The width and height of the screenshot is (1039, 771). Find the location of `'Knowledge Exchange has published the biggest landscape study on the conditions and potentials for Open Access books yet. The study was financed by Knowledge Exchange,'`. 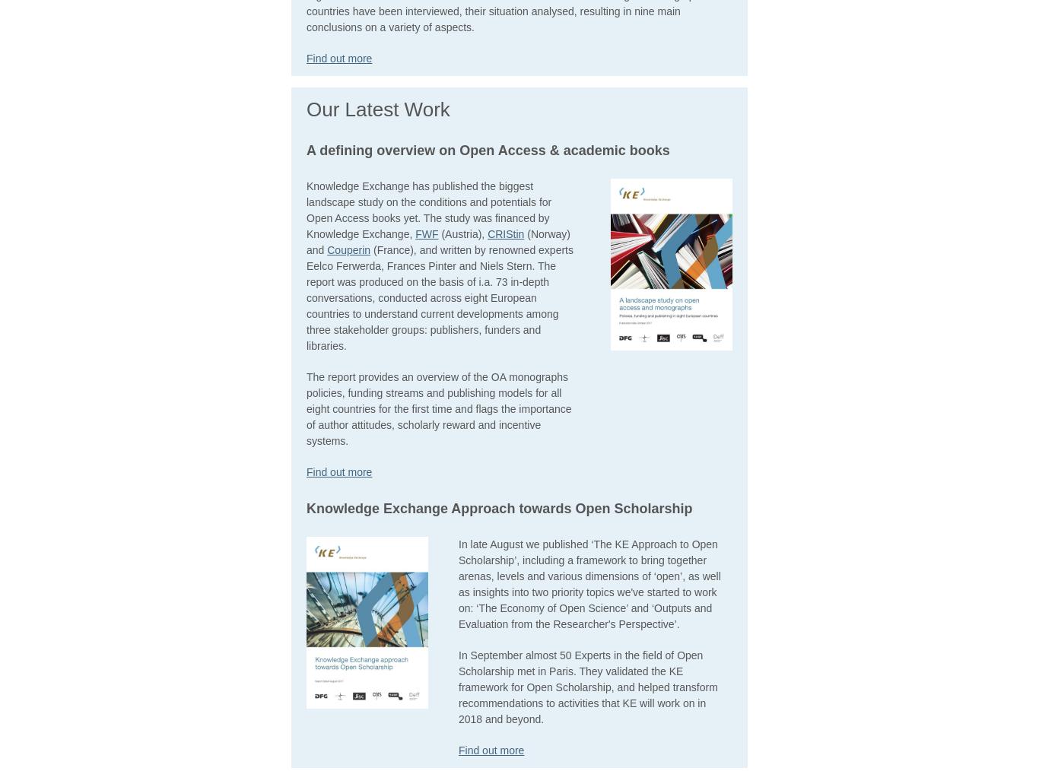

'Knowledge Exchange has published the biggest landscape study on the conditions and potentials for Open Access books yet. The study was financed by Knowledge Exchange,' is located at coordinates (429, 210).